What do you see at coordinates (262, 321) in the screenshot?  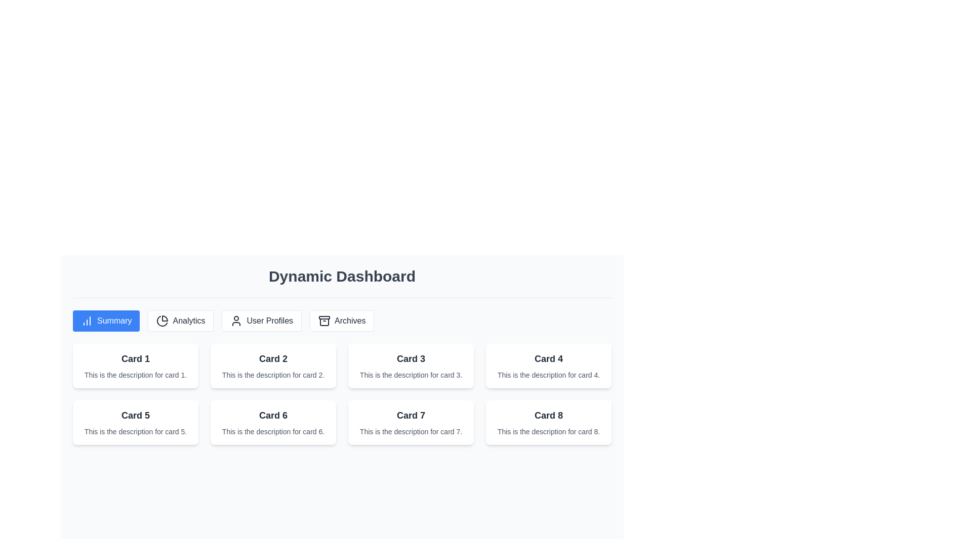 I see `the 'User Profiles' button with rounded corners and a white background` at bounding box center [262, 321].